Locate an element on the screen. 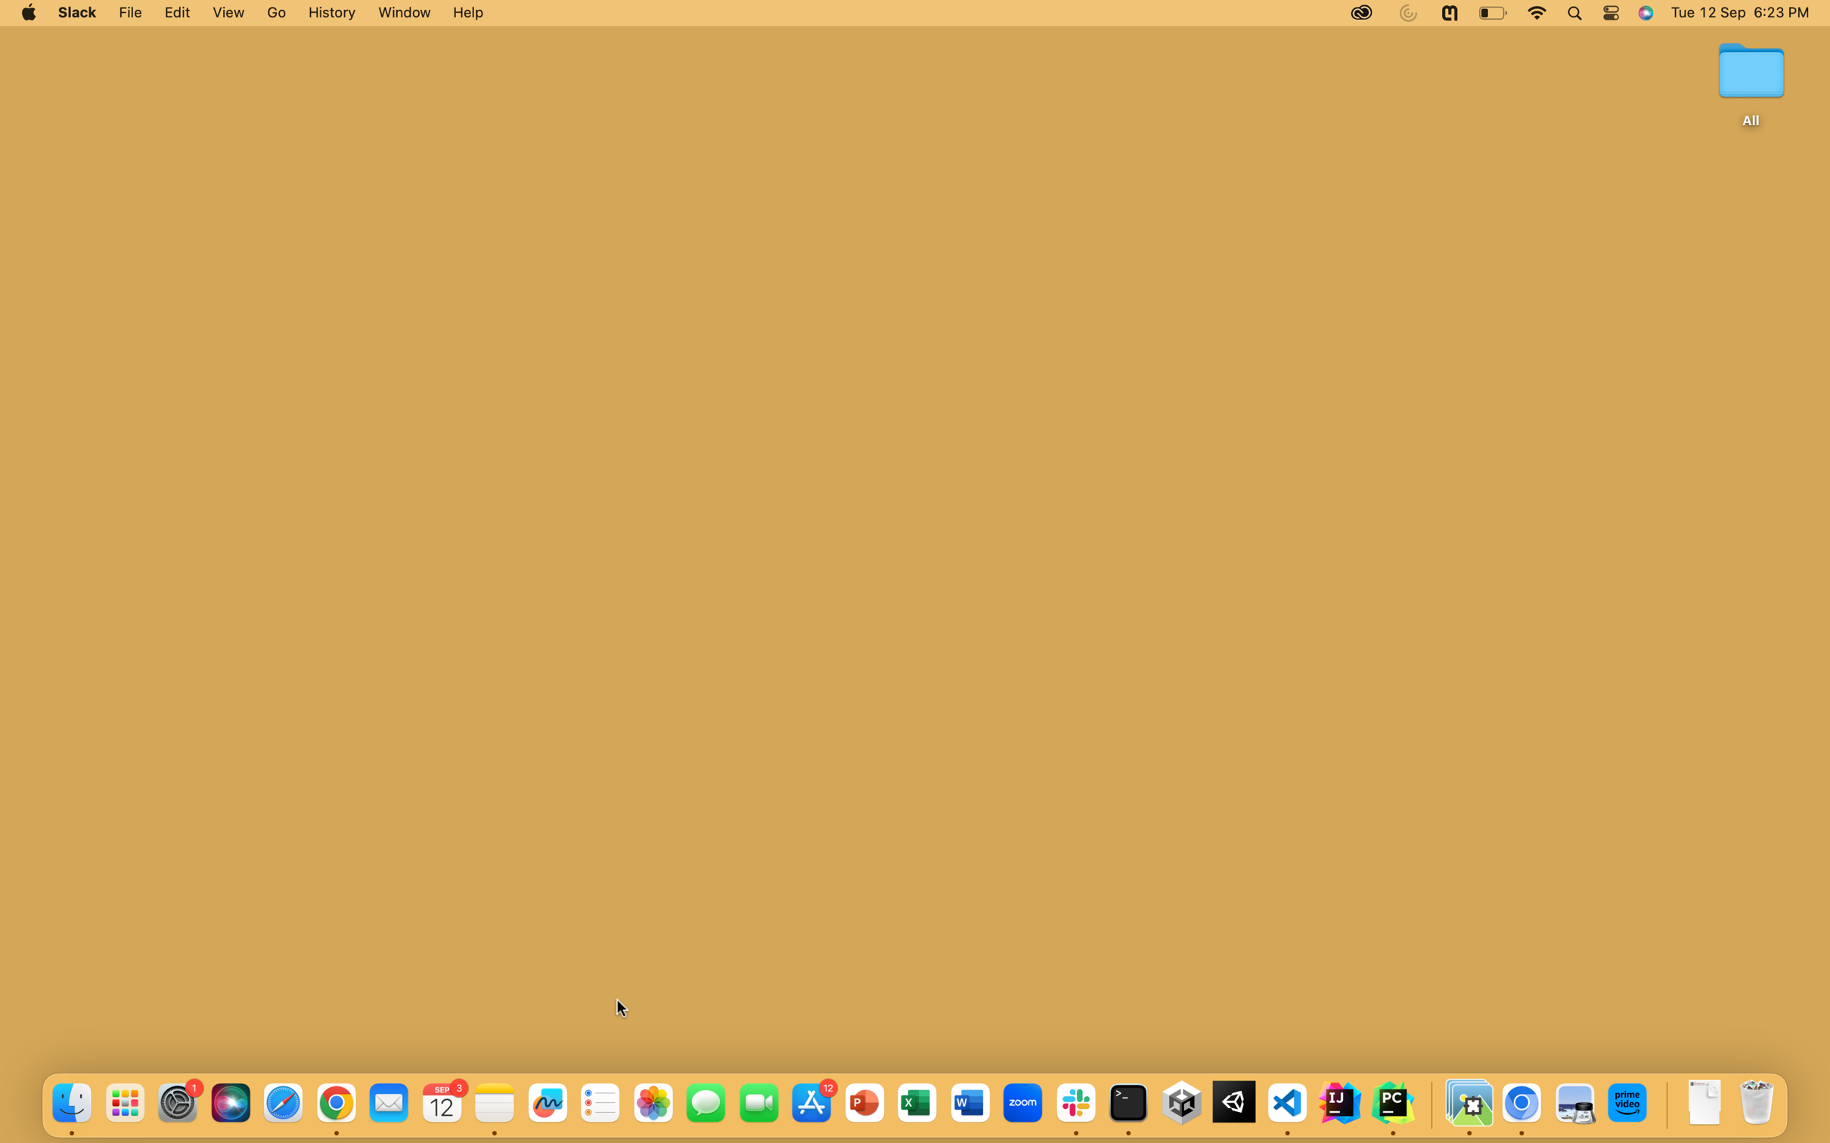 This screenshot has width=1830, height=1143. the View Options menu is located at coordinates (227, 13).